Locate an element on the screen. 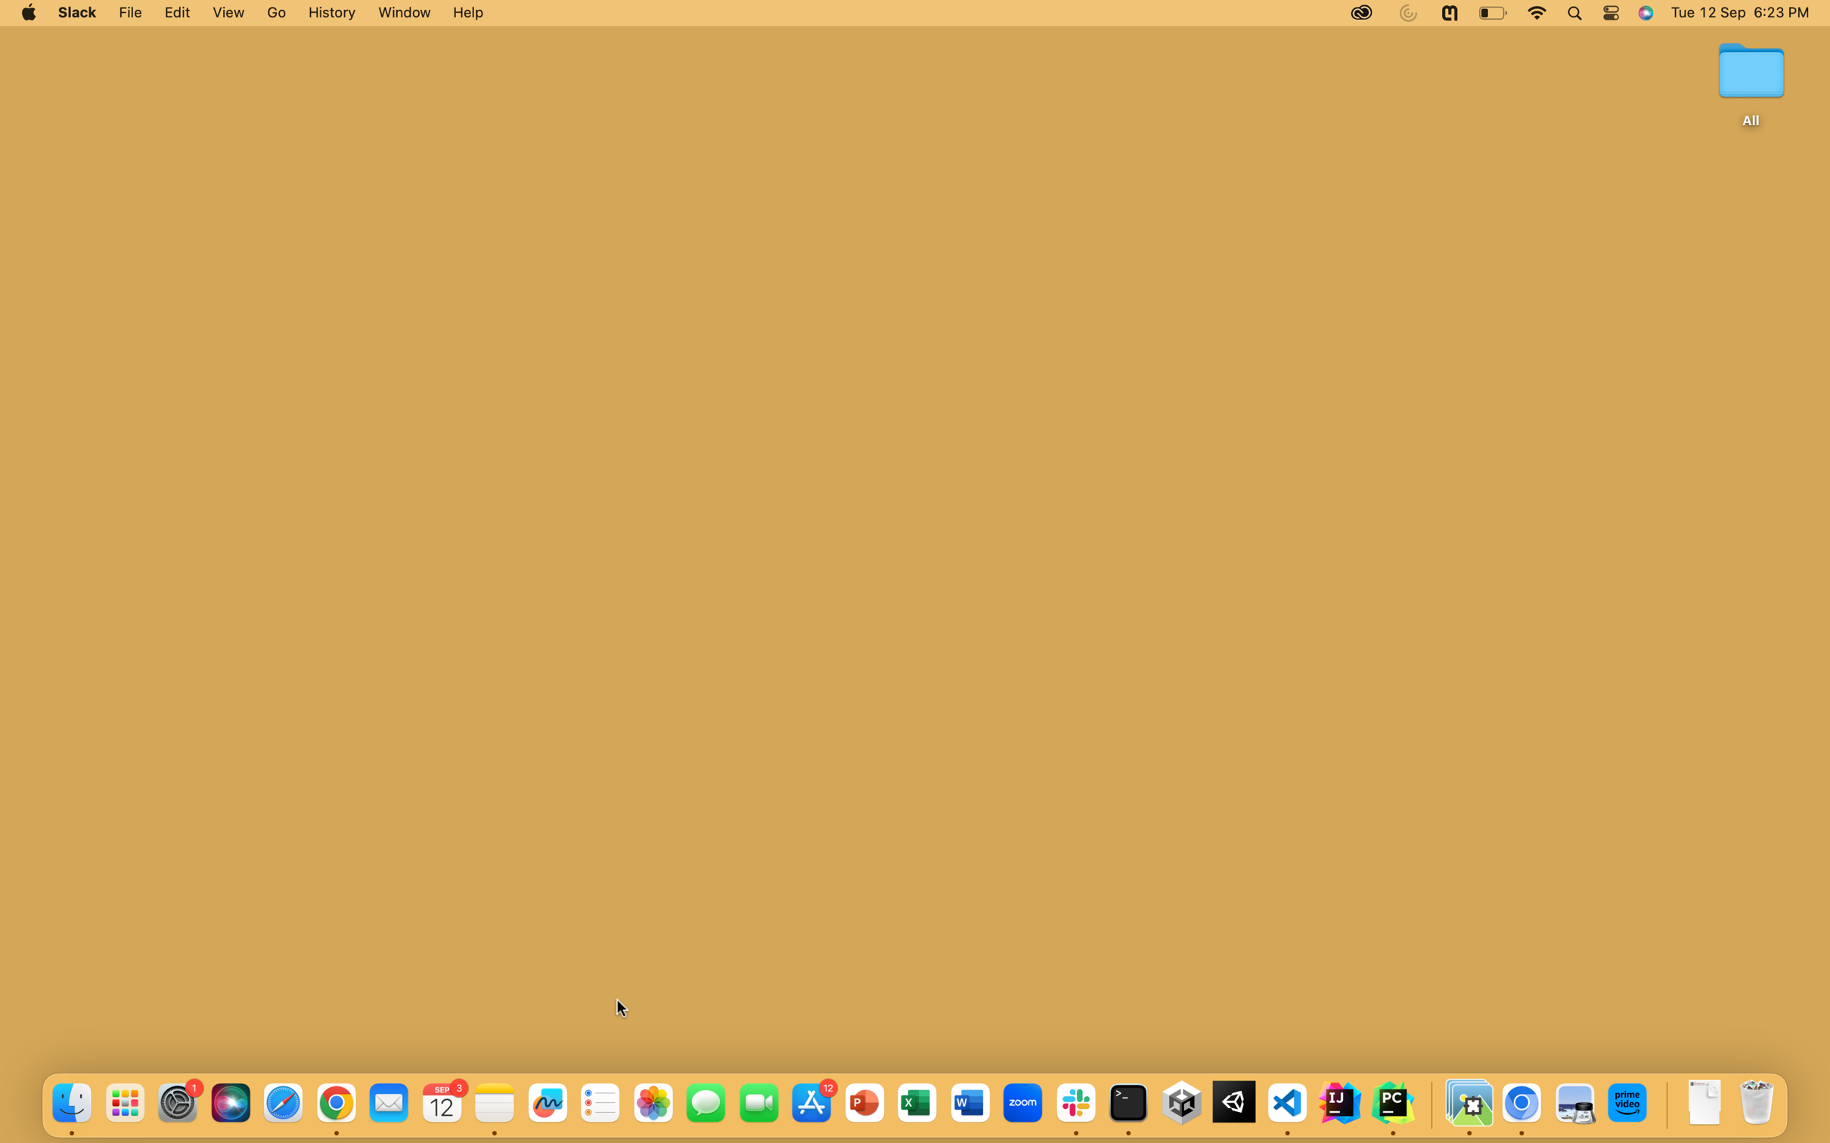 This screenshot has width=1830, height=1143. the View Options menu is located at coordinates (227, 13).